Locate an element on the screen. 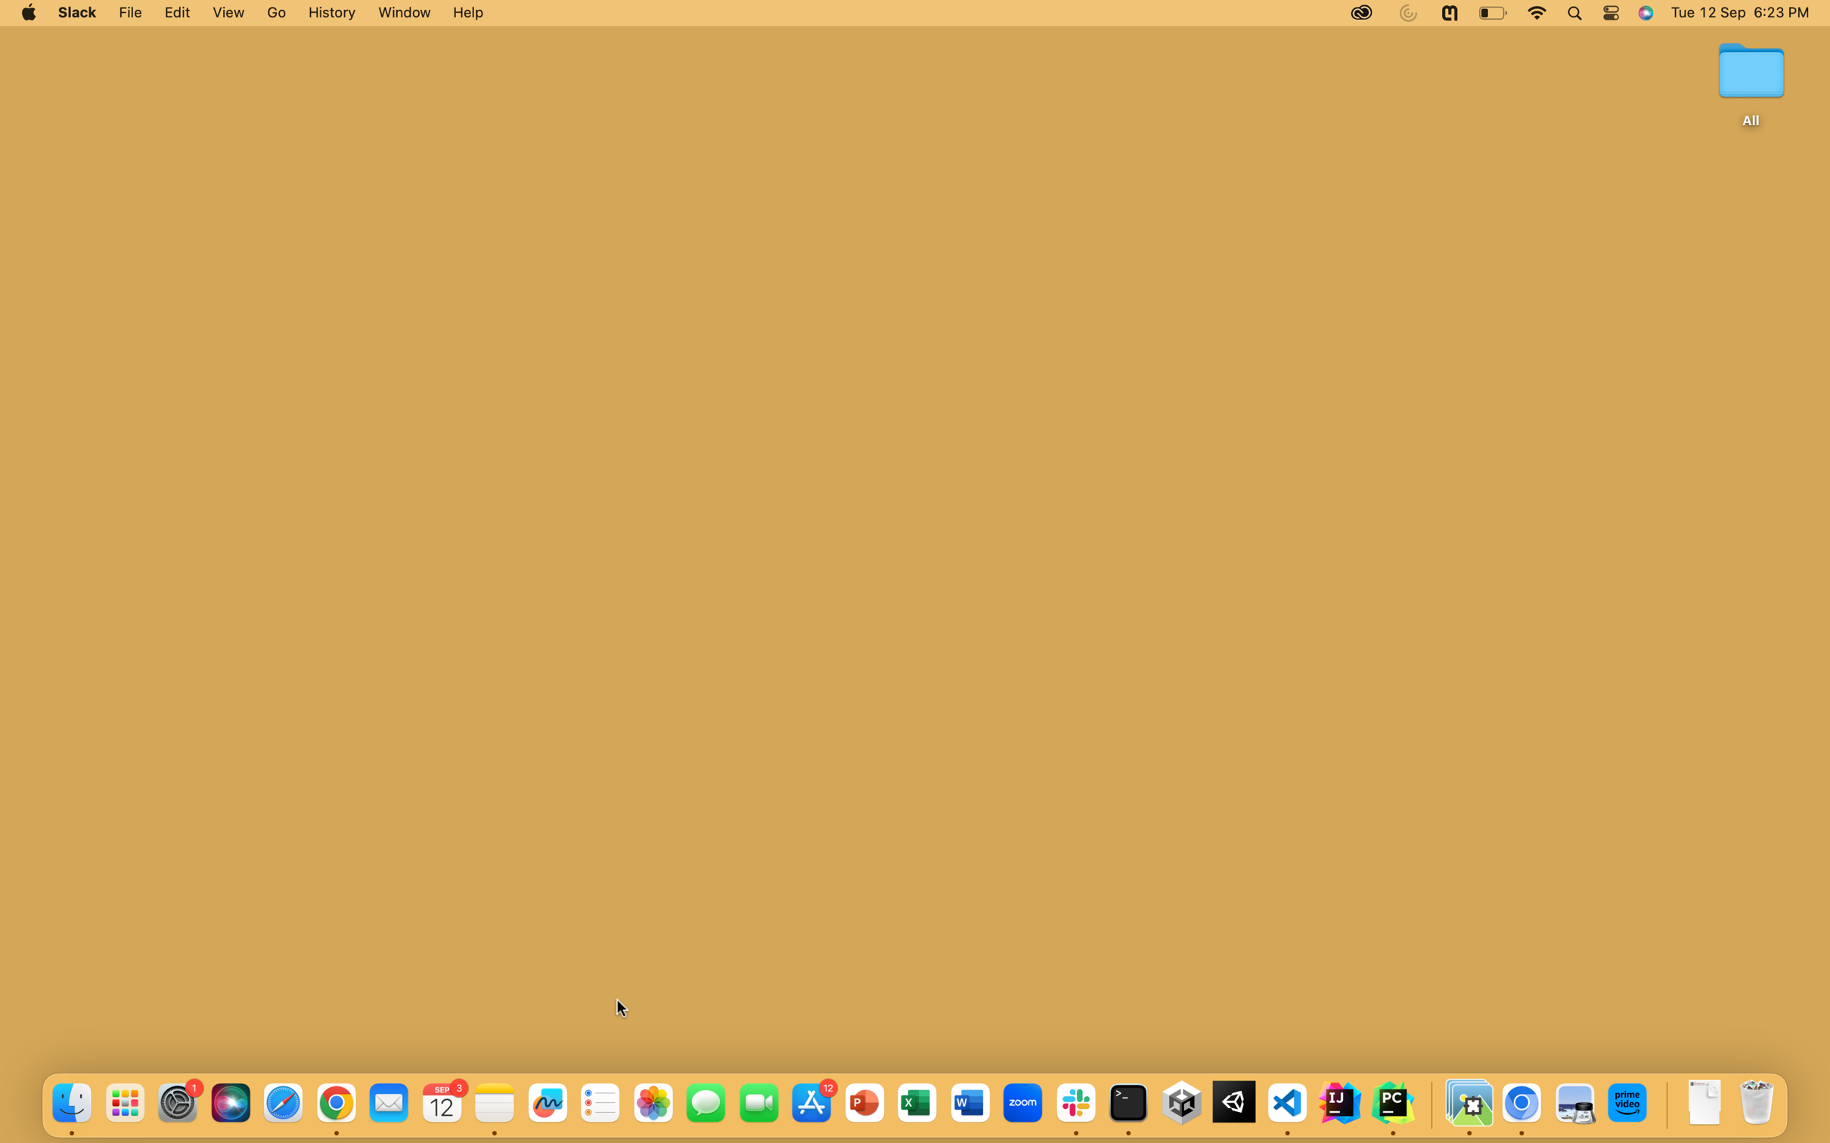 This screenshot has width=1830, height=1143. the View Options menu is located at coordinates (227, 13).